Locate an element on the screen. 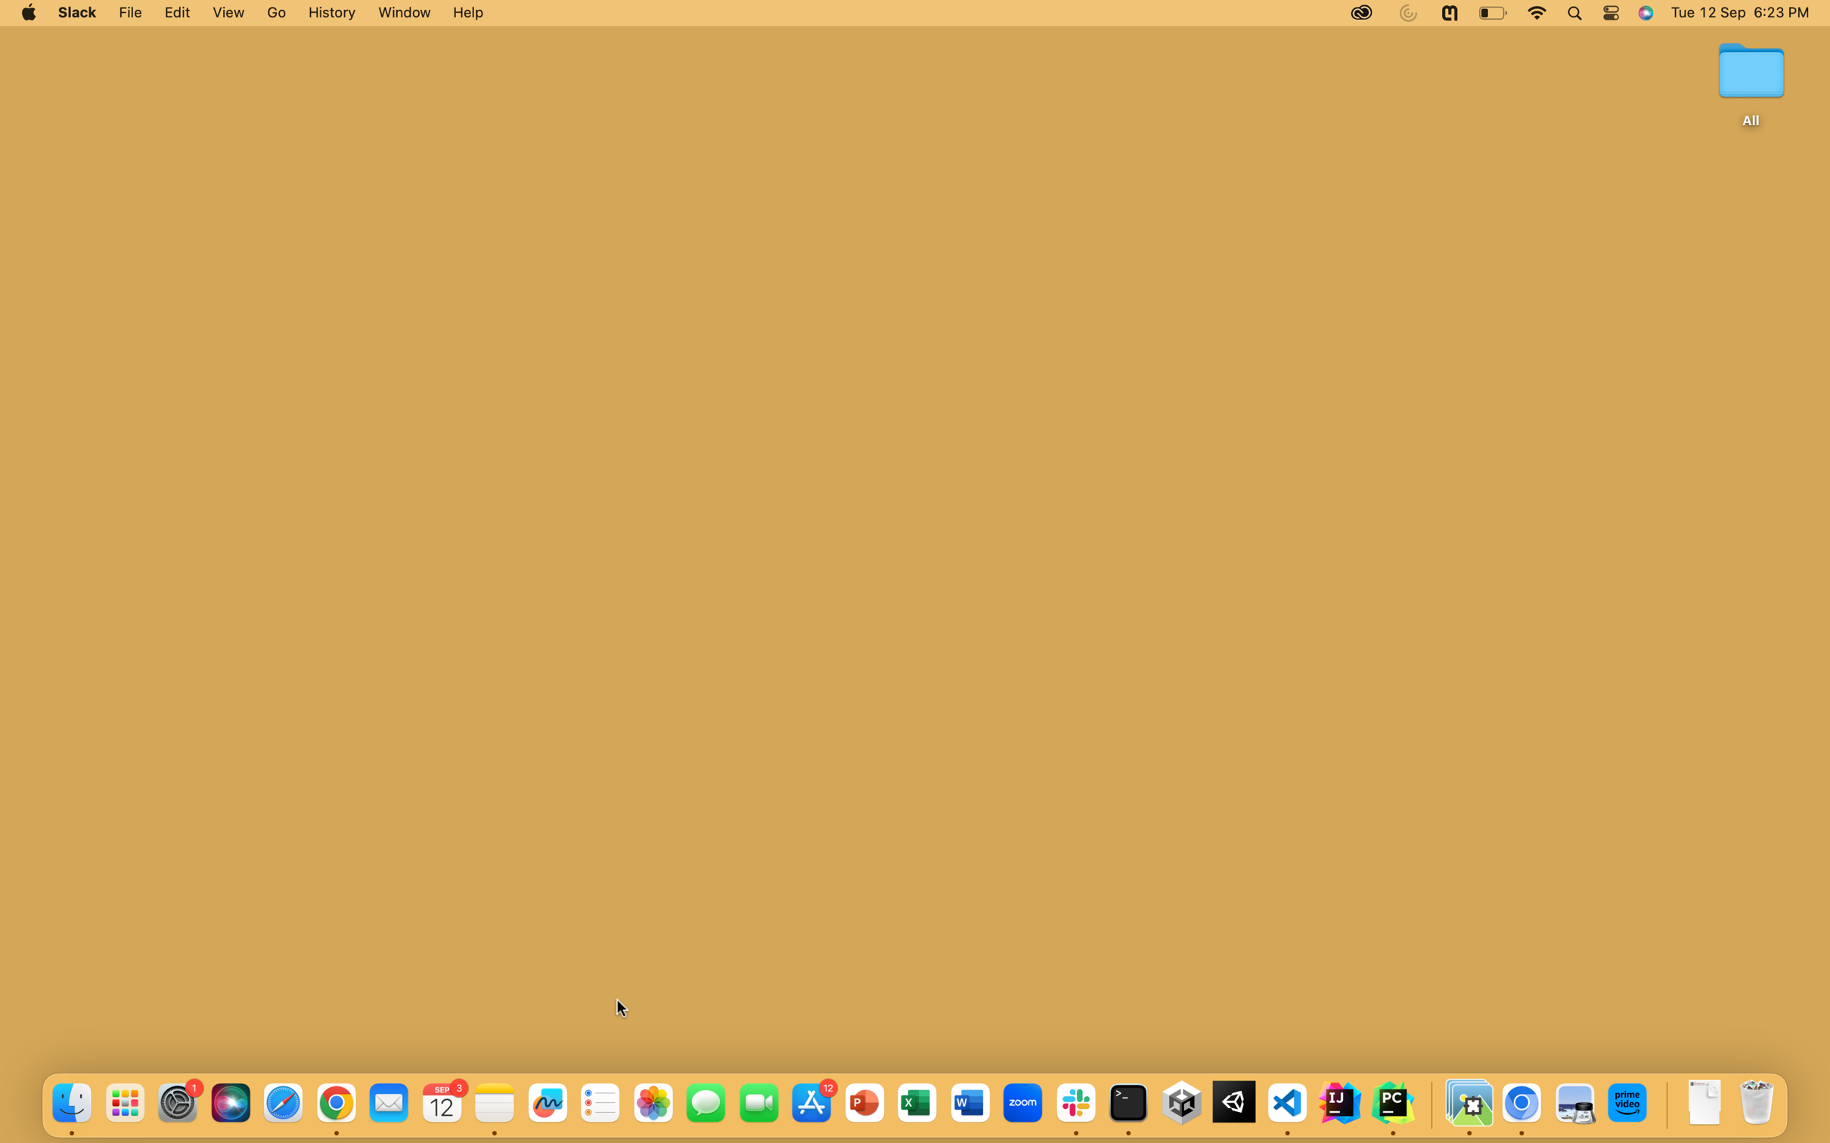 This screenshot has width=1830, height=1143. the View Options menu is located at coordinates (227, 13).